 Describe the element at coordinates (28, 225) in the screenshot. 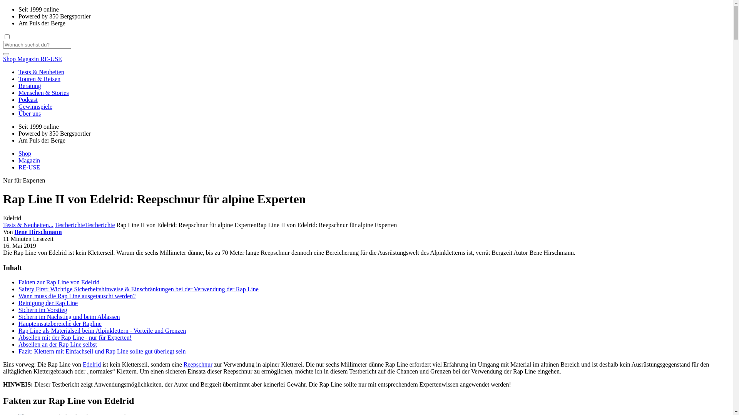

I see `'Tests & Neuheiten...'` at that location.